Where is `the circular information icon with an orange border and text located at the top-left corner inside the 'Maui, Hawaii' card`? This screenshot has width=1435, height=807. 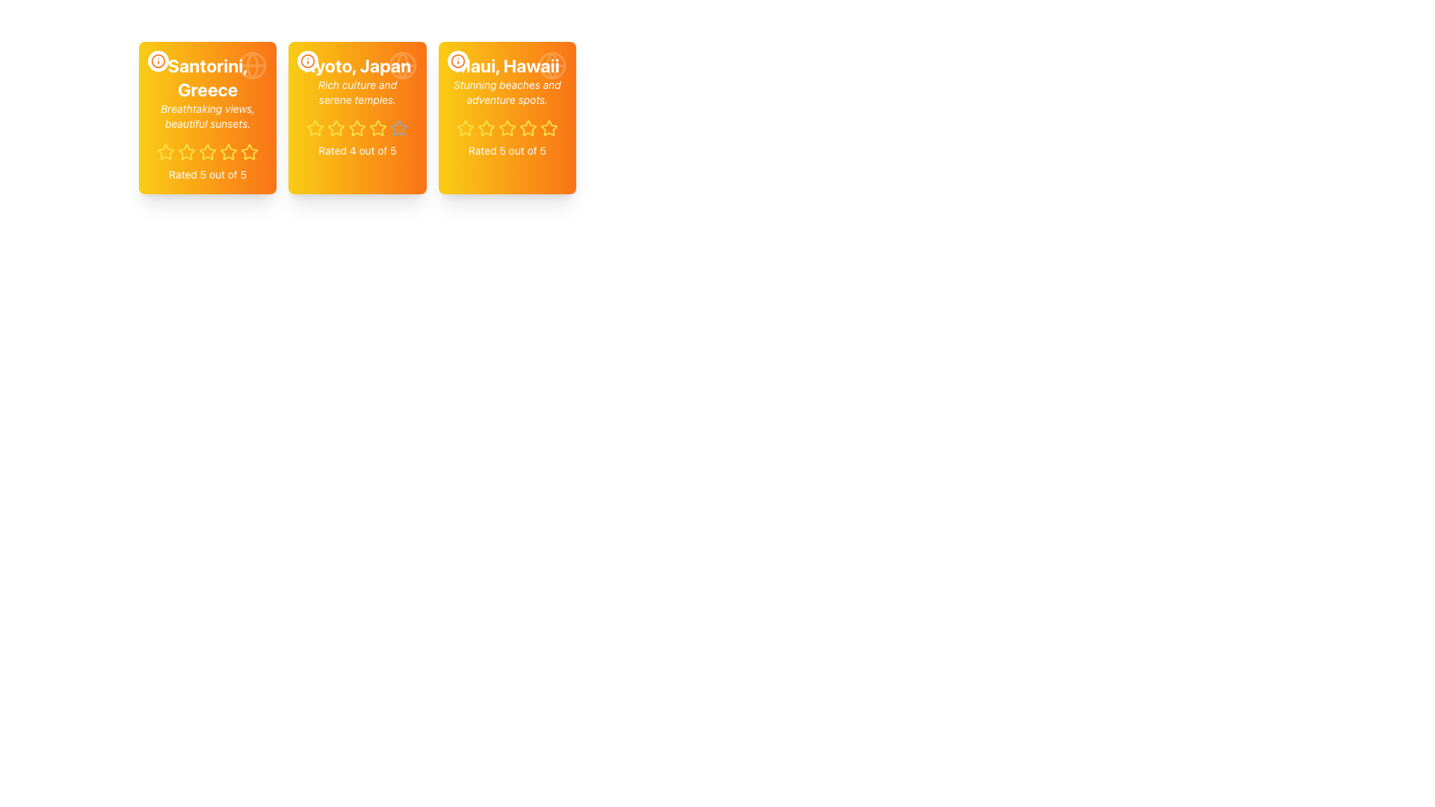
the circular information icon with an orange border and text located at the top-left corner inside the 'Maui, Hawaii' card is located at coordinates (457, 60).